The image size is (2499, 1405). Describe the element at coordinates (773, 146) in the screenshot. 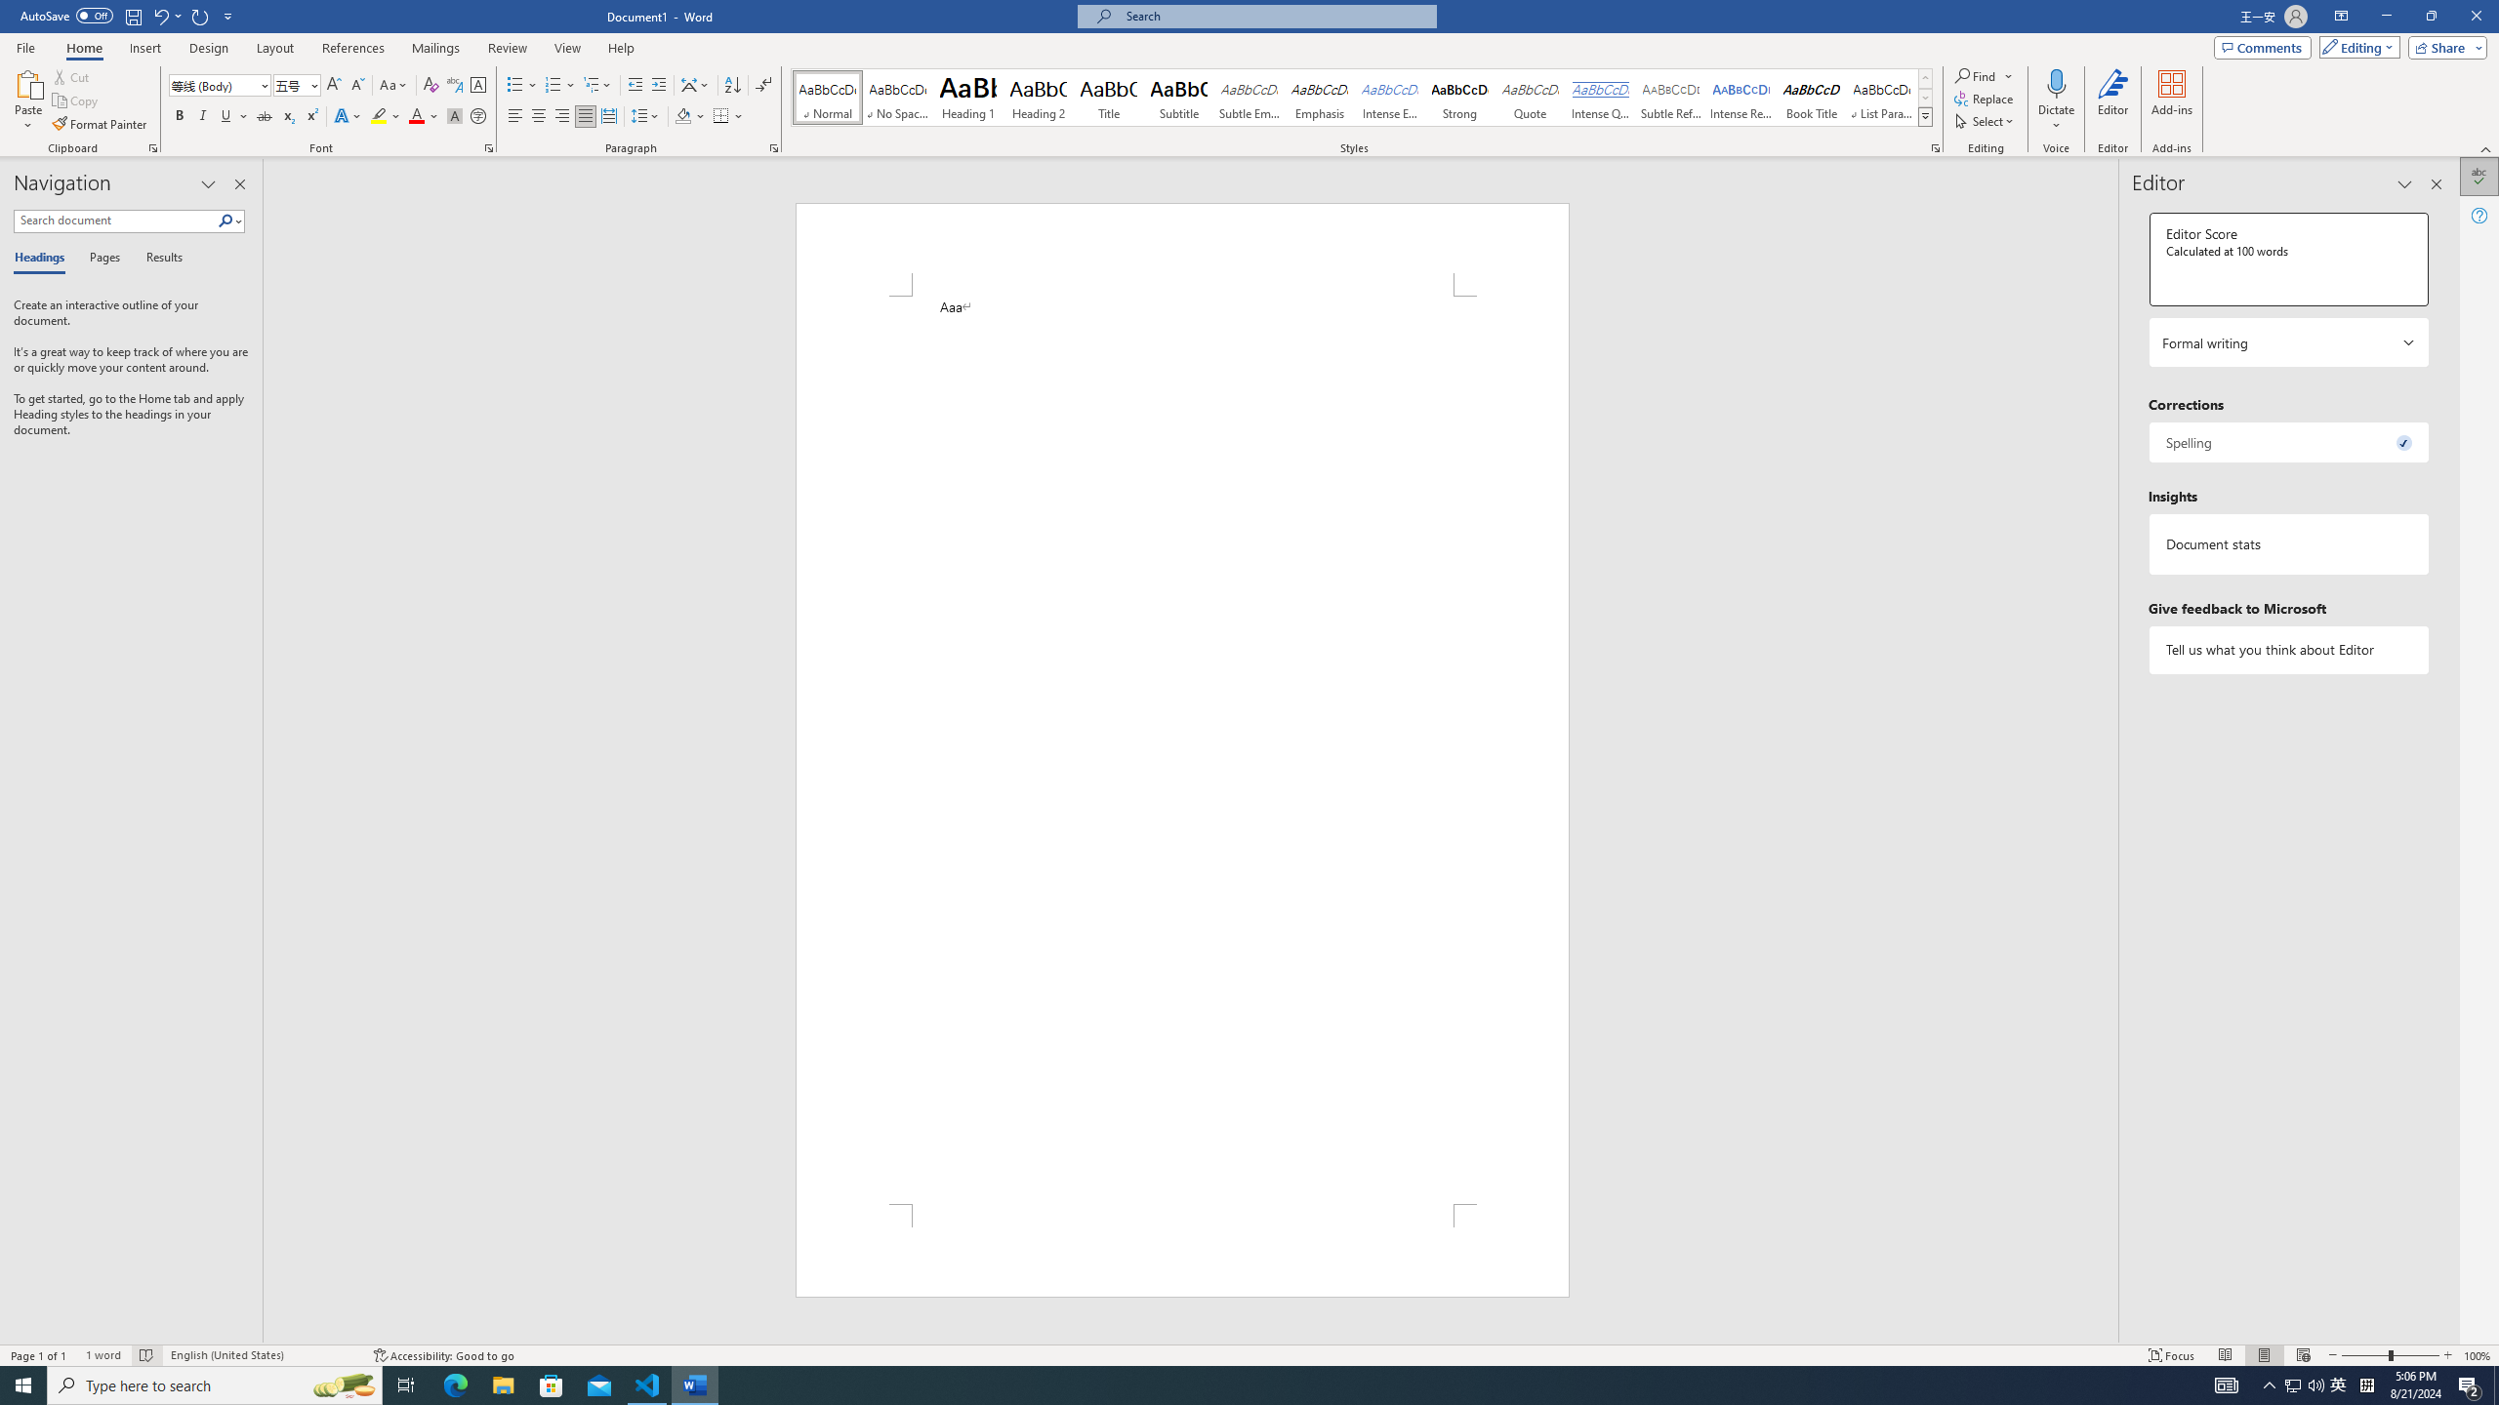

I see `'Paragraph...'` at that location.